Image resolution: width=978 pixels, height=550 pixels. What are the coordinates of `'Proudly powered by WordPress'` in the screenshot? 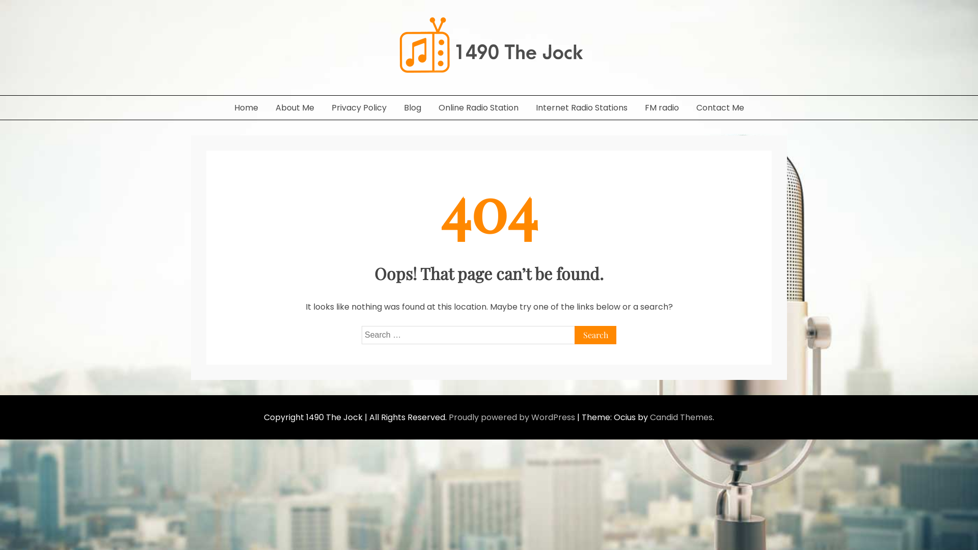 It's located at (448, 417).